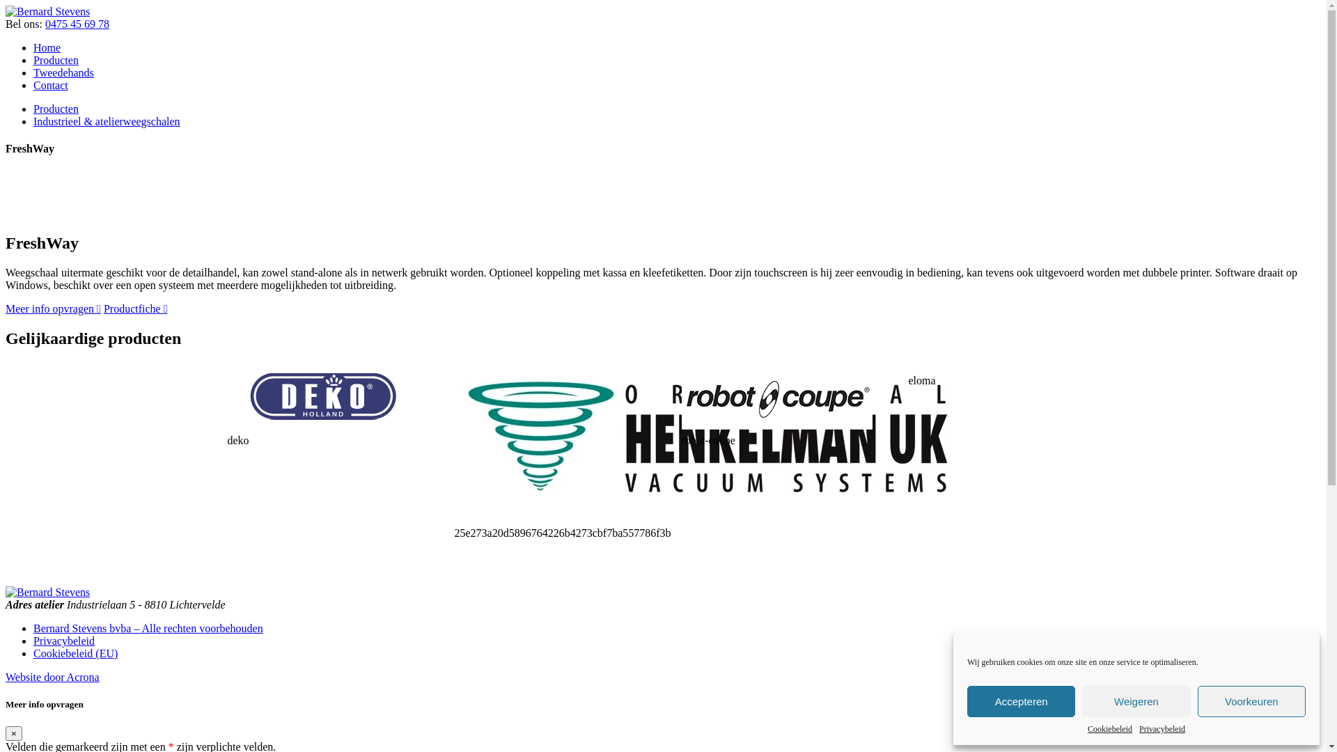  I want to click on 'Tweedehands', so click(63, 72).